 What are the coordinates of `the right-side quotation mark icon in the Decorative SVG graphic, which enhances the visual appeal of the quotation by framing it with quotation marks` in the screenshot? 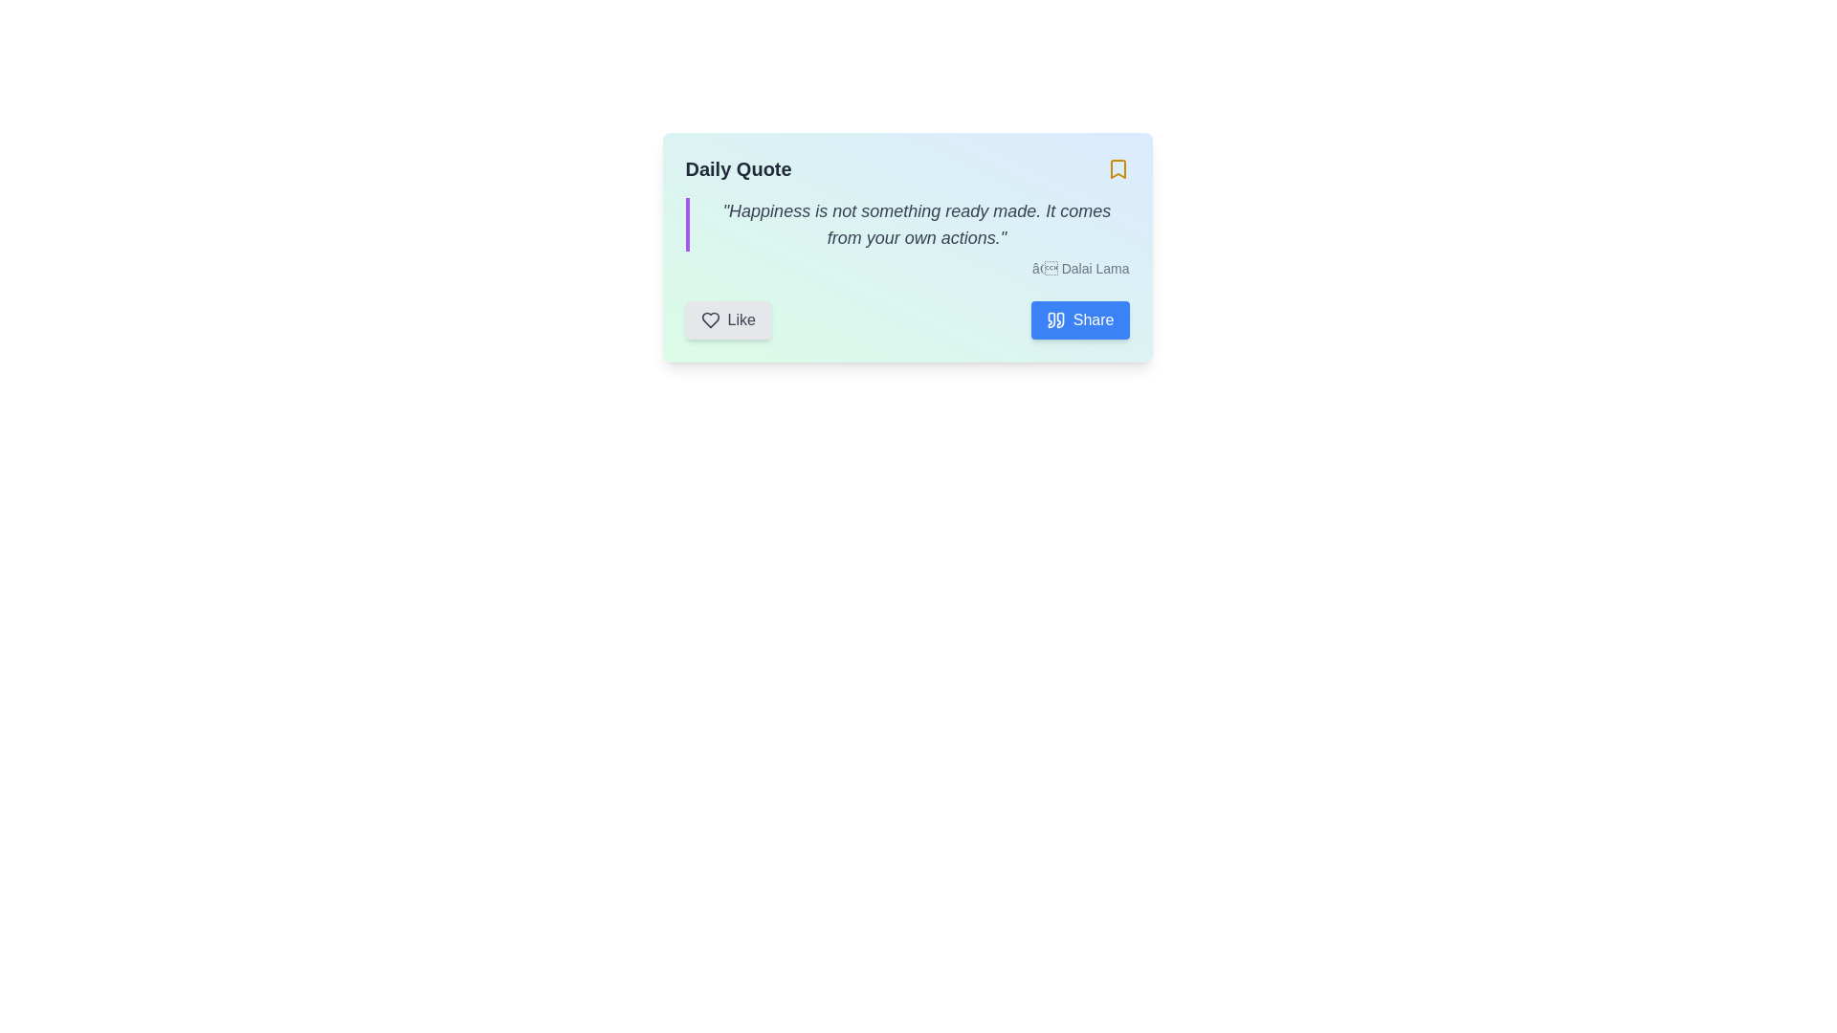 It's located at (1059, 319).